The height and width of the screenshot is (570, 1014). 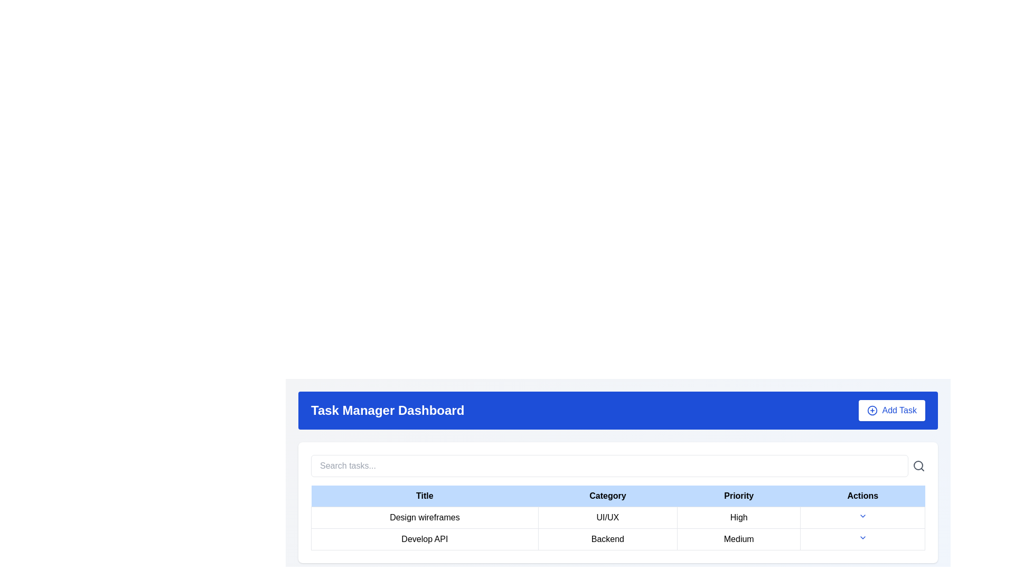 What do you see at coordinates (738, 517) in the screenshot?
I see `the text label that displays 'High', which is a bold, centrally aligned element in the 'Priority' column, positioned between 'UI/UX' and the 'Actions' dropdown` at bounding box center [738, 517].